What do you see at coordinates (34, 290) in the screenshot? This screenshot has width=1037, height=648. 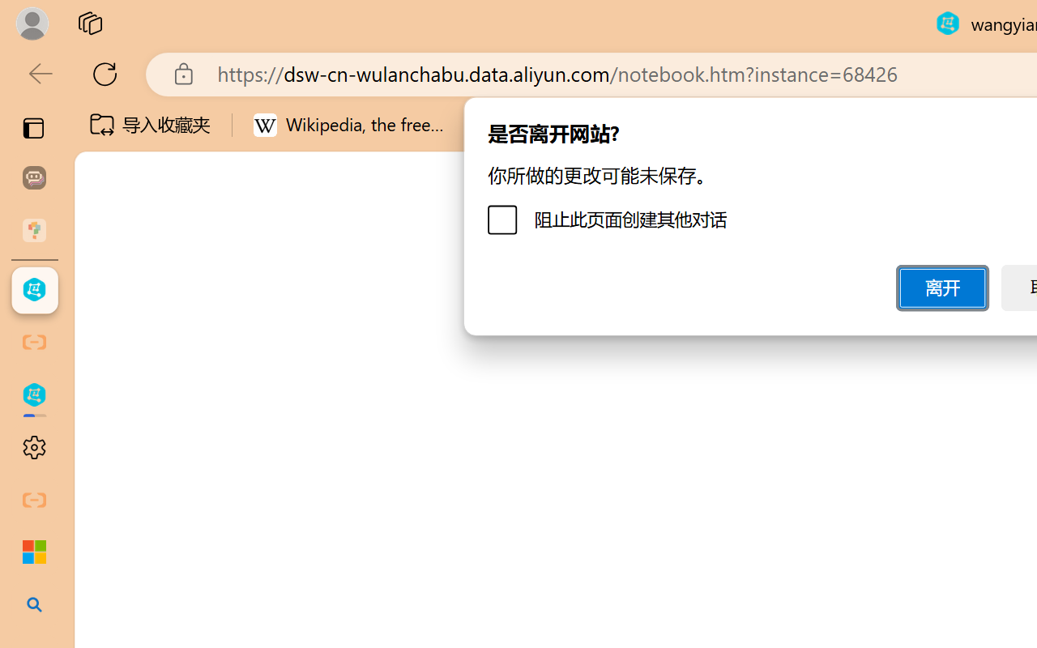 I see `'wangyian_dsw - DSW'` at bounding box center [34, 290].